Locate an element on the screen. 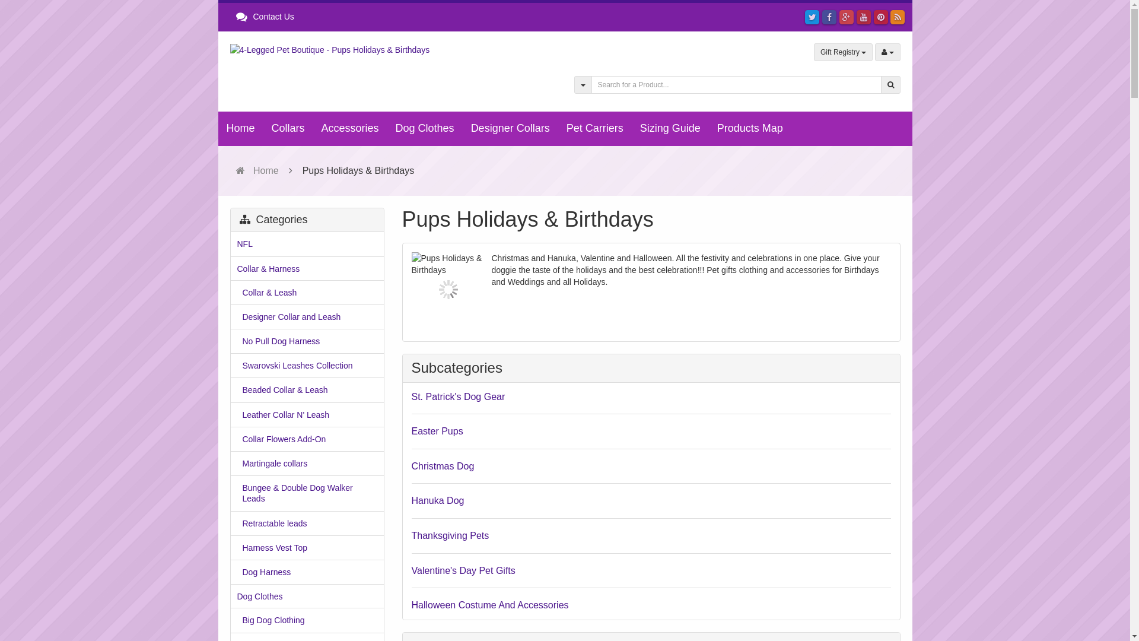 This screenshot has width=1139, height=641. 'Harness Vest Top' is located at coordinates (230, 547).